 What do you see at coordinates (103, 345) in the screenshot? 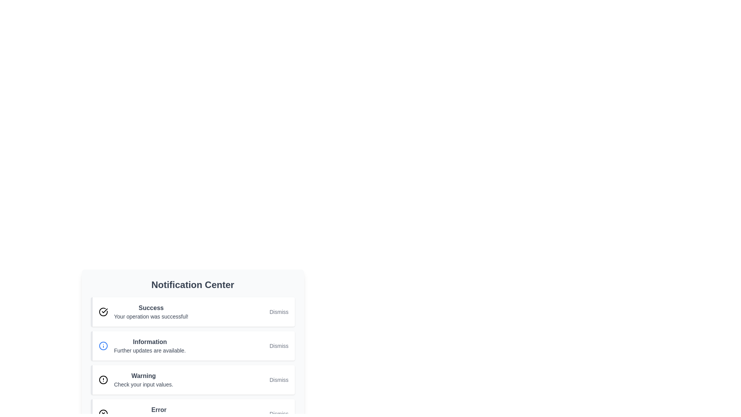
I see `the circular blue outlined icon with an 'i' symbol representing an information indicator, located in the 'Information' notification box to the left of the text` at bounding box center [103, 345].